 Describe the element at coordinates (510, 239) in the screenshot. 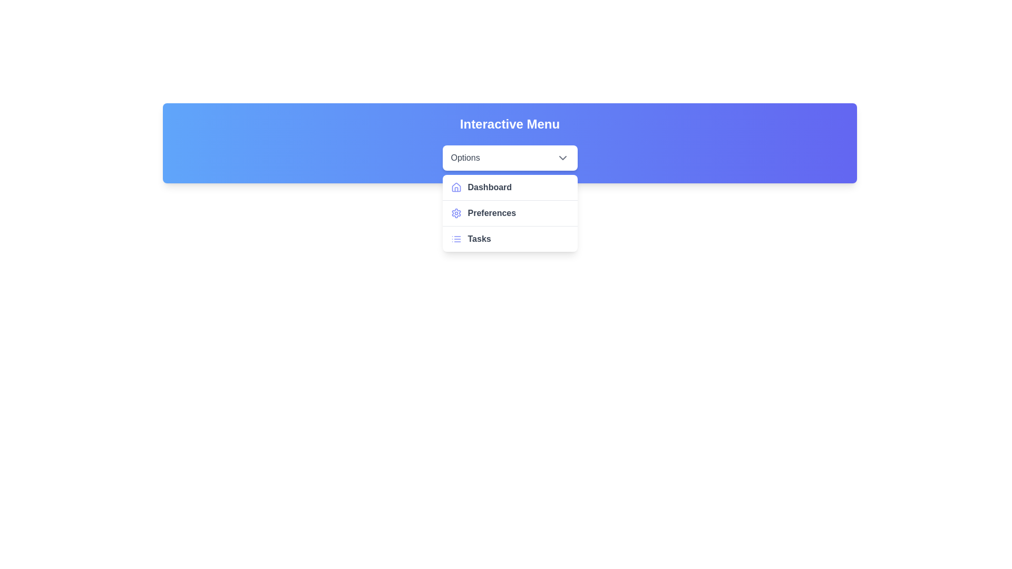

I see `the 'Tasks' menu option, which is the third item in the dropdown menu` at that location.